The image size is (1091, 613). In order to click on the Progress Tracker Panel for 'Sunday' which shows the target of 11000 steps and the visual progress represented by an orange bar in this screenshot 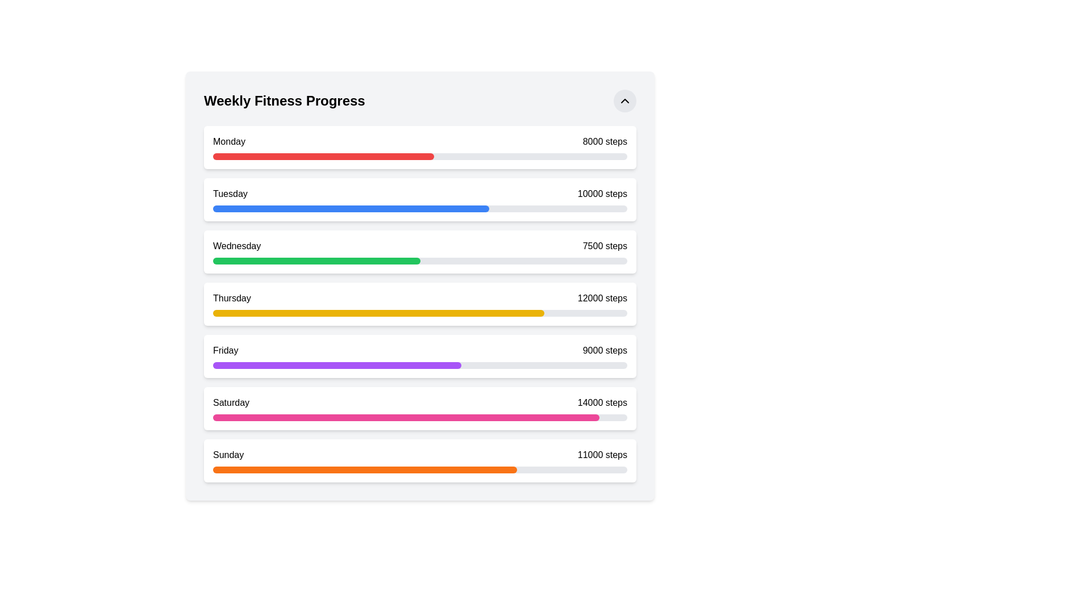, I will do `click(419, 461)`.